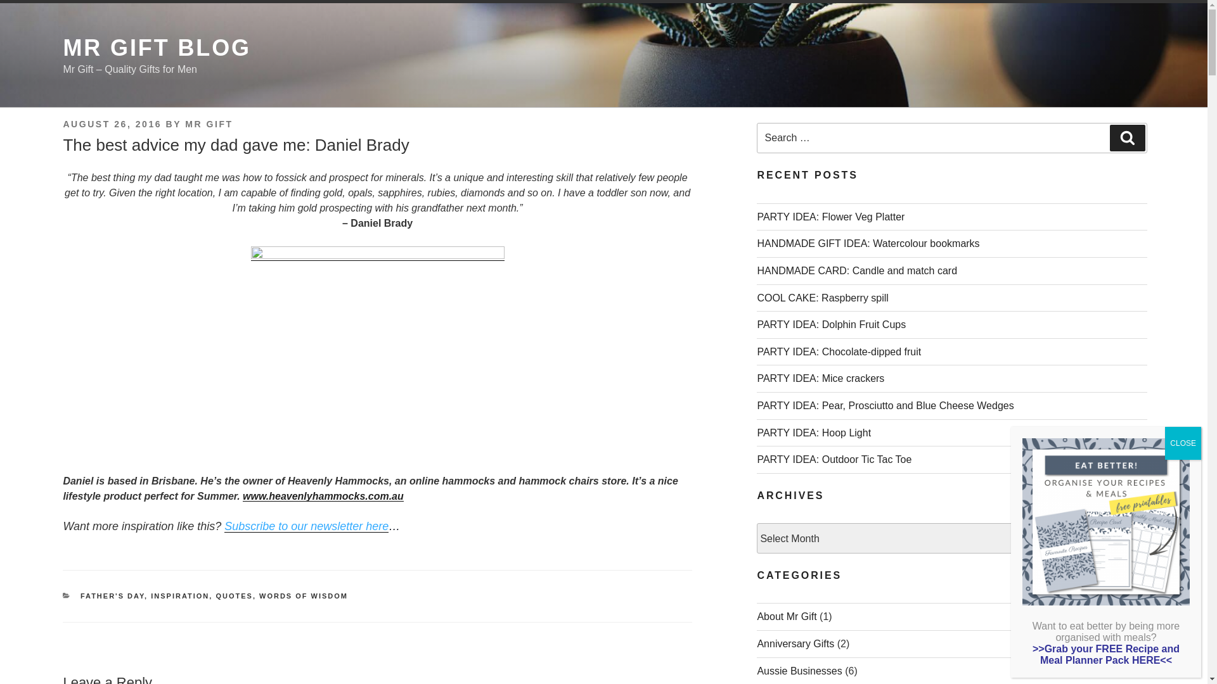  What do you see at coordinates (757, 670) in the screenshot?
I see `'Aussie Businesses'` at bounding box center [757, 670].